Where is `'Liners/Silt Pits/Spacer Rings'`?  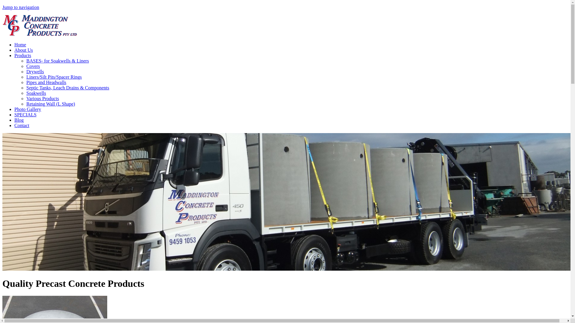 'Liners/Silt Pits/Spacer Rings' is located at coordinates (54, 77).